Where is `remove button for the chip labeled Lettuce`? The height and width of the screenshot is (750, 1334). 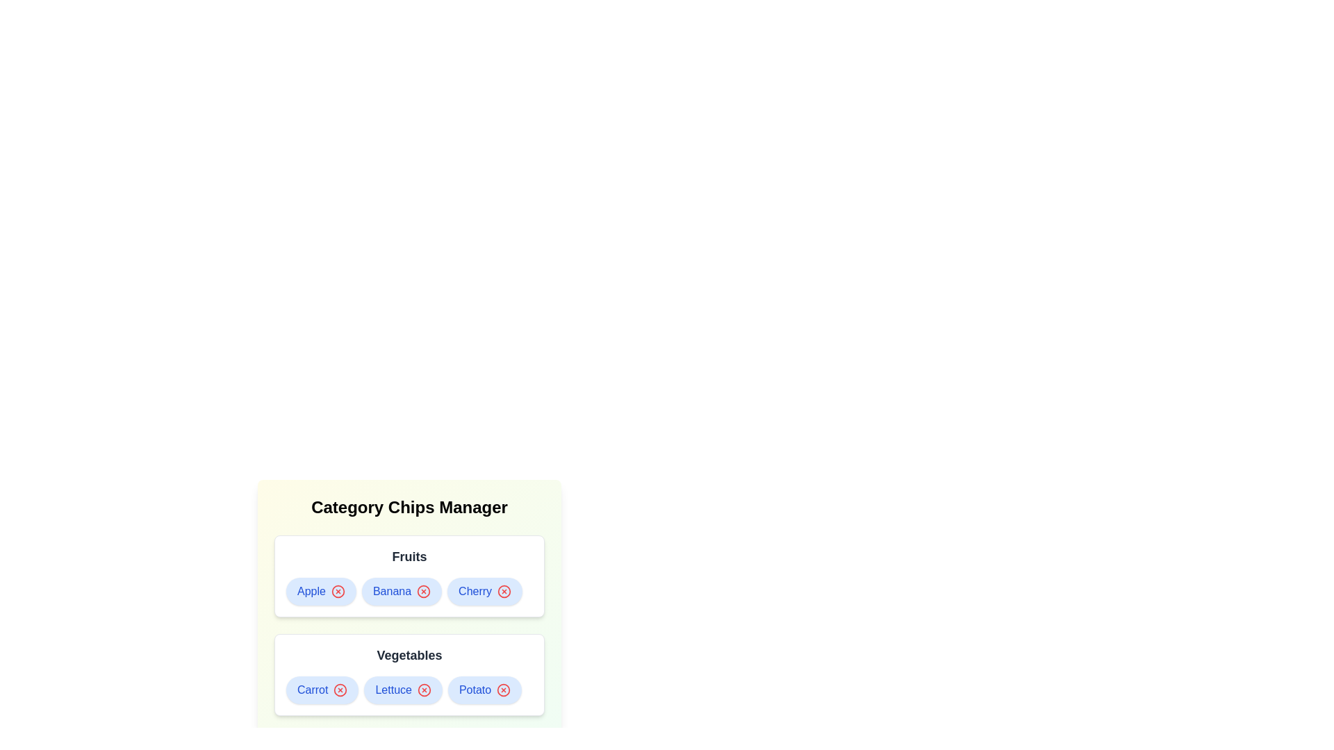
remove button for the chip labeled Lettuce is located at coordinates (423, 690).